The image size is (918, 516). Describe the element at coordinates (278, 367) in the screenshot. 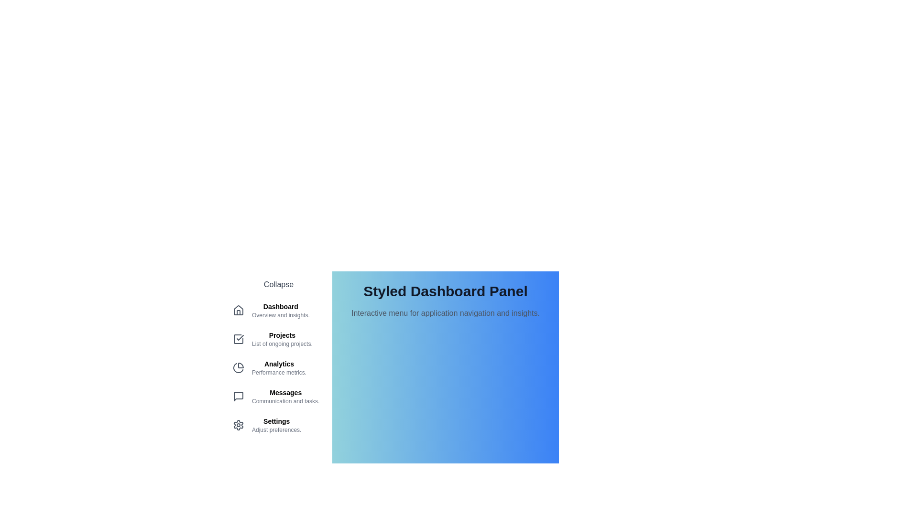

I see `the menu item corresponding to Analytics` at that location.